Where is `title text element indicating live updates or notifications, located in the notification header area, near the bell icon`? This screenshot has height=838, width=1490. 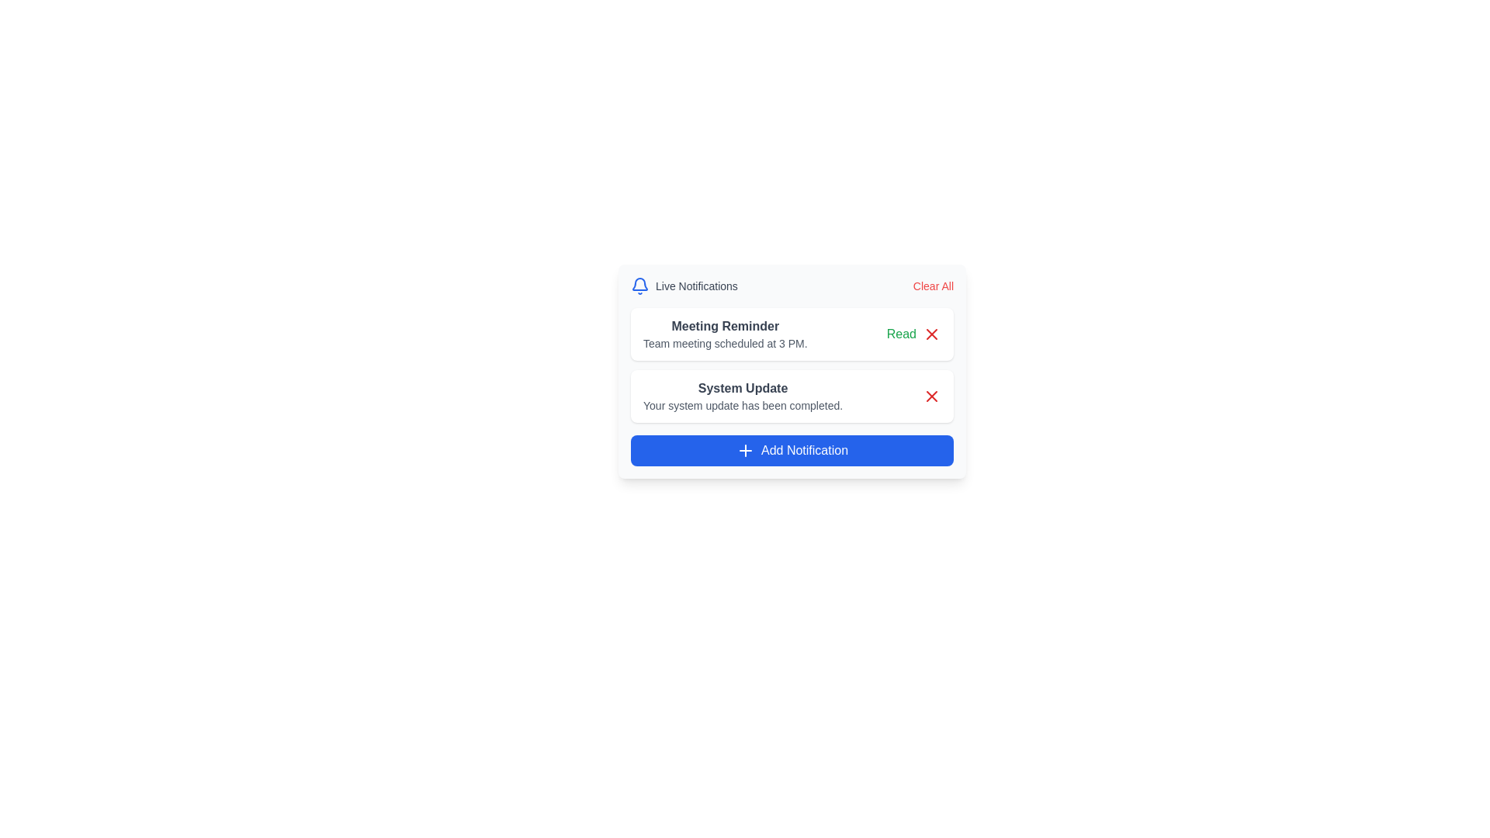 title text element indicating live updates or notifications, located in the notification header area, near the bell icon is located at coordinates (695, 286).